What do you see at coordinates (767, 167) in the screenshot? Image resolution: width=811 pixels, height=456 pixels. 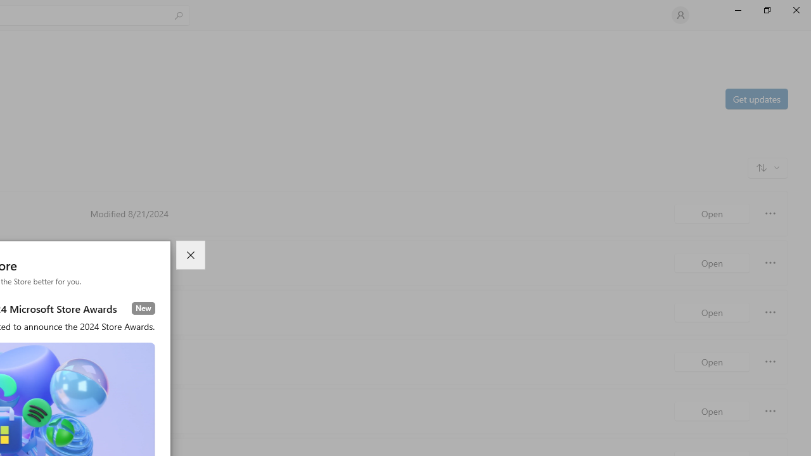 I see `'Sort and filter'` at bounding box center [767, 167].